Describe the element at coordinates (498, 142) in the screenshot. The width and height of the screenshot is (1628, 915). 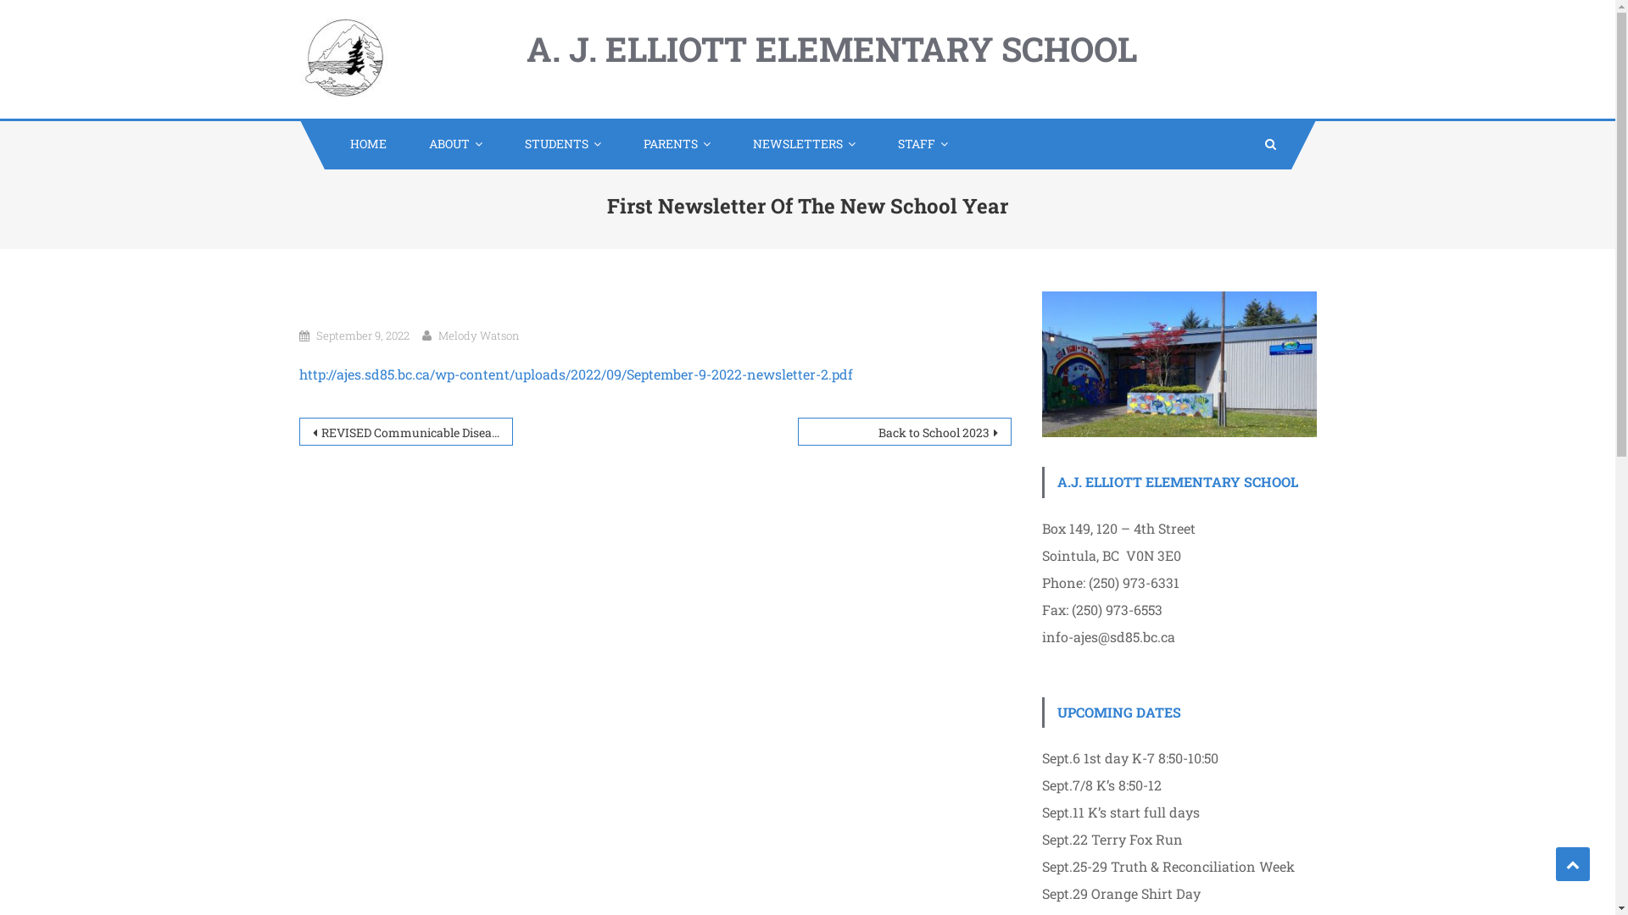
I see `'STUDENTS'` at that location.